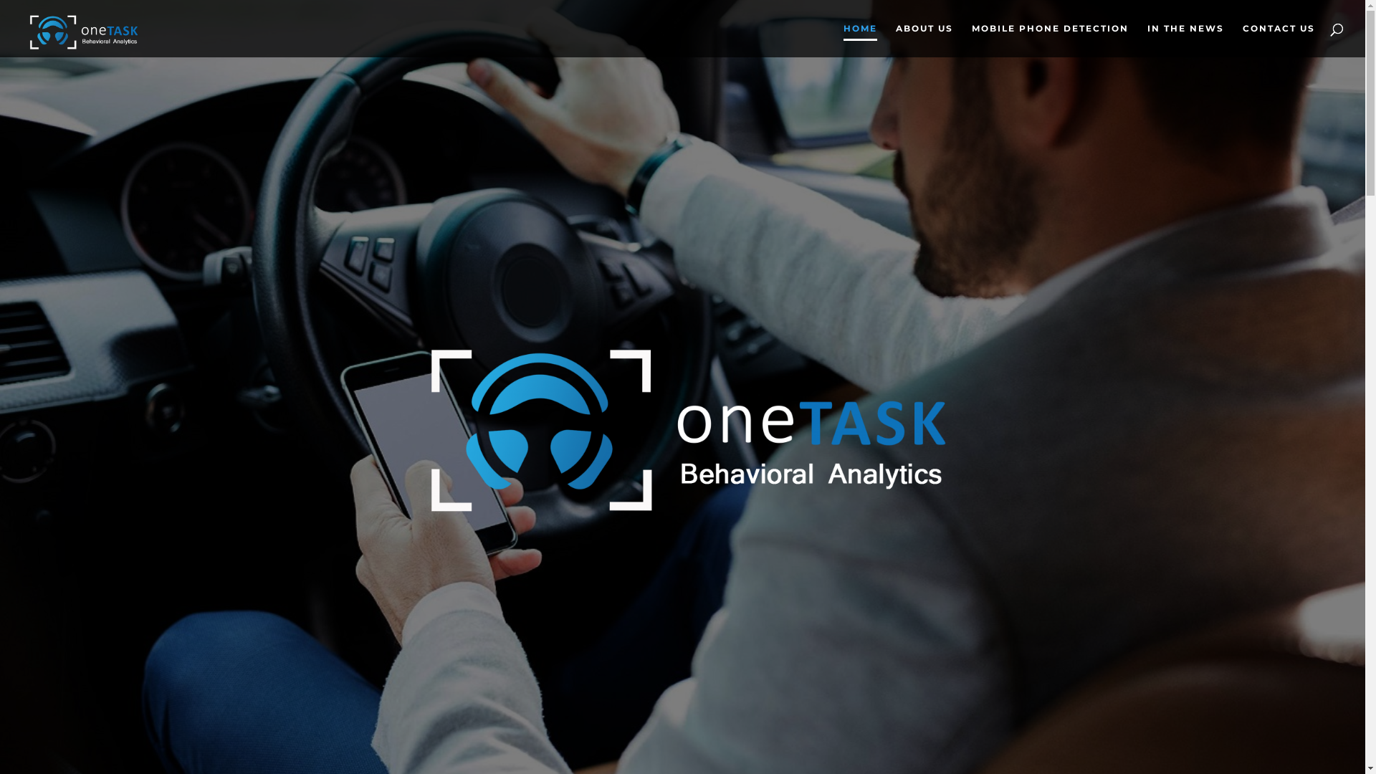 This screenshot has height=774, width=1376. Describe the element at coordinates (860, 39) in the screenshot. I see `'HOME'` at that location.